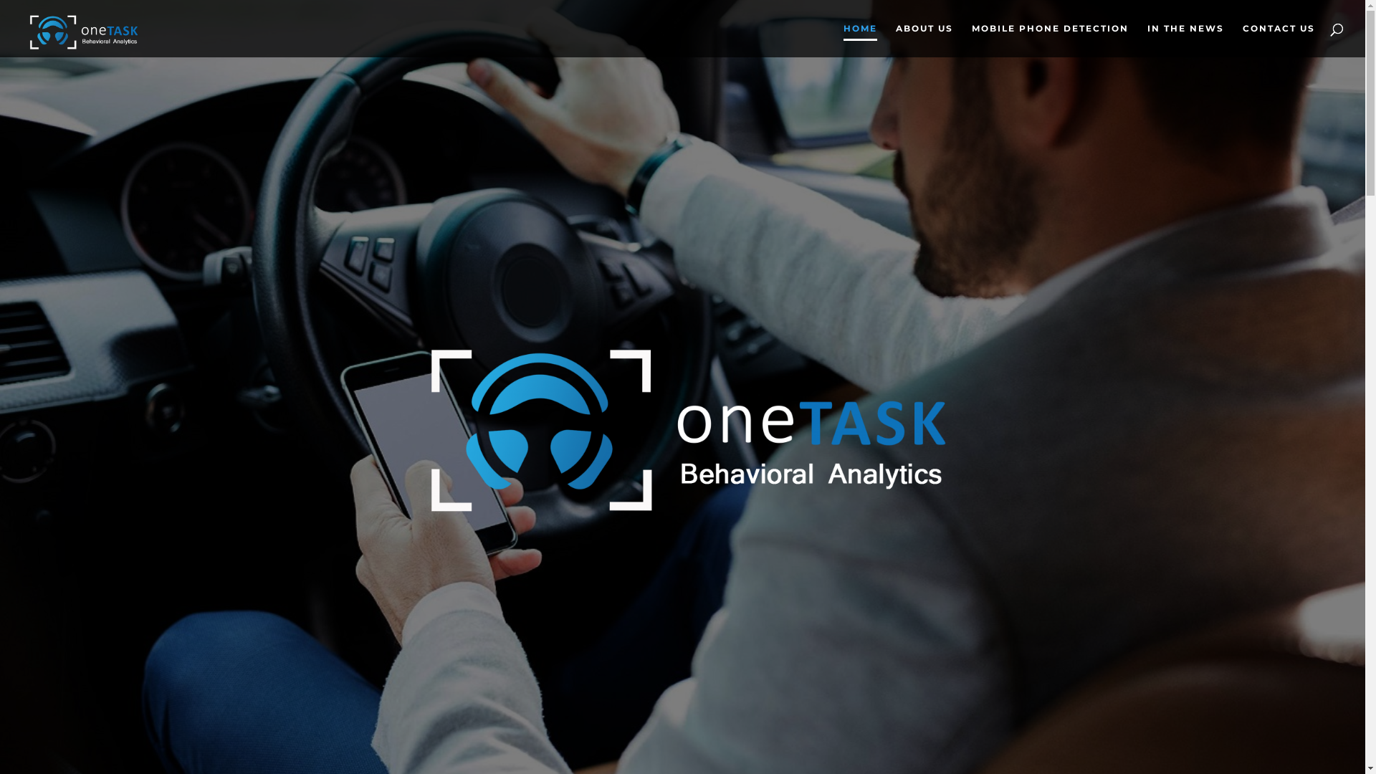 This screenshot has height=774, width=1376. Describe the element at coordinates (860, 39) in the screenshot. I see `'HOME'` at that location.